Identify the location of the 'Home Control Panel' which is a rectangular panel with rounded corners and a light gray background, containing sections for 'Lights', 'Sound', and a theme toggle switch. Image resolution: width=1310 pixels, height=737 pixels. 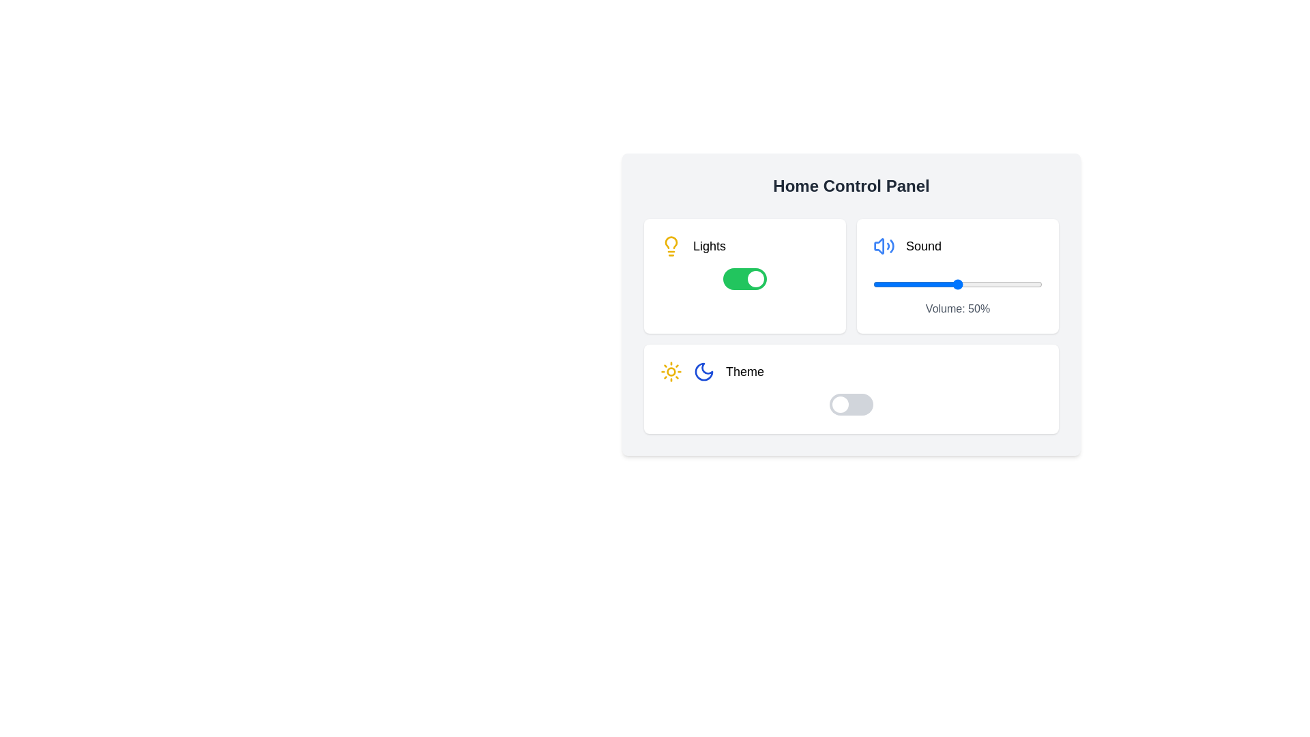
(851, 304).